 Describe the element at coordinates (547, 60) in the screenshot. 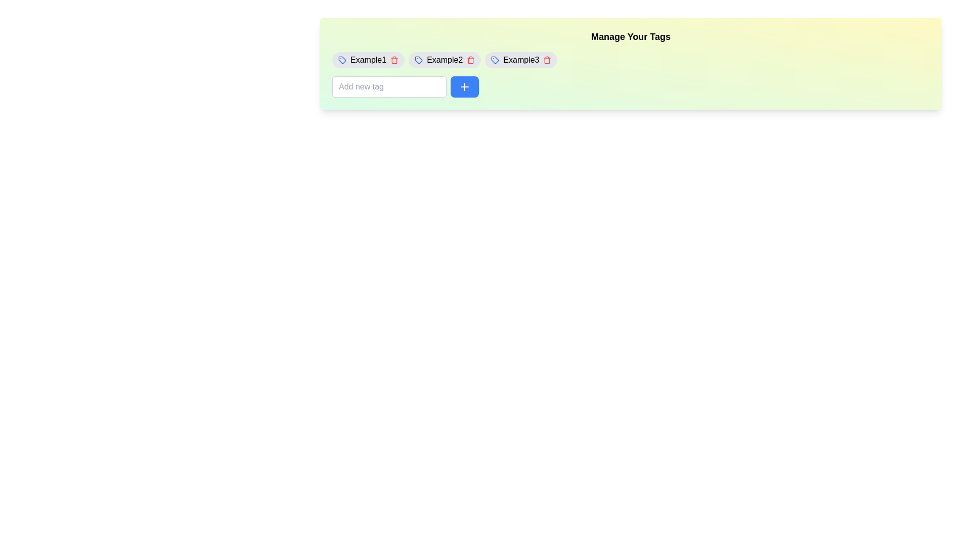

I see `the red trash bin icon, the third icon from the left in the row associated with the tag 'Example3'` at that location.